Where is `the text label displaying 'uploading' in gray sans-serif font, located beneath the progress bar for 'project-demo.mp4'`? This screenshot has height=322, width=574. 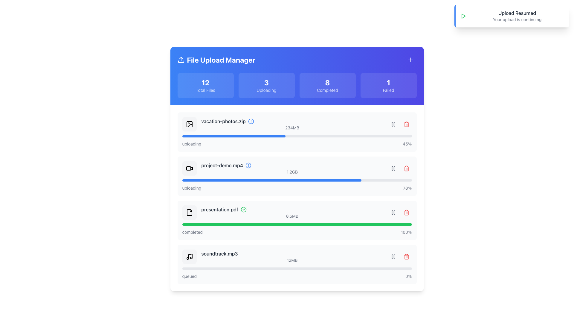
the text label displaying 'uploading' in gray sans-serif font, located beneath the progress bar for 'project-demo.mp4' is located at coordinates (192, 188).